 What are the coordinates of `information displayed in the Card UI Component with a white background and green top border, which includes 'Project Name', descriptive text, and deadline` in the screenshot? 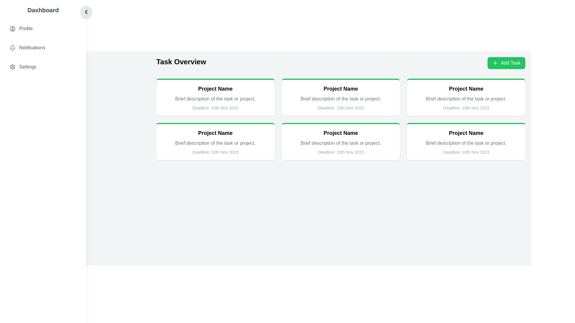 It's located at (466, 97).